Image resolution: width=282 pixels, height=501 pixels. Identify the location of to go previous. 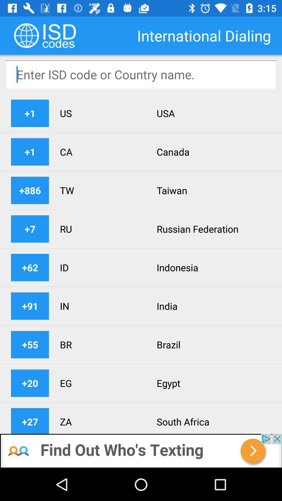
(141, 451).